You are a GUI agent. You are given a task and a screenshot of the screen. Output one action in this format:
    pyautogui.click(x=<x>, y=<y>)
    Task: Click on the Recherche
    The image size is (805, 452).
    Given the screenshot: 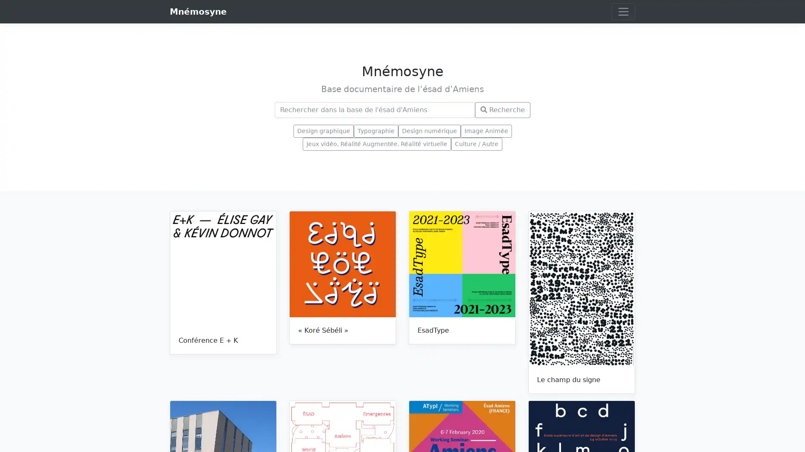 What is the action you would take?
    pyautogui.click(x=503, y=109)
    